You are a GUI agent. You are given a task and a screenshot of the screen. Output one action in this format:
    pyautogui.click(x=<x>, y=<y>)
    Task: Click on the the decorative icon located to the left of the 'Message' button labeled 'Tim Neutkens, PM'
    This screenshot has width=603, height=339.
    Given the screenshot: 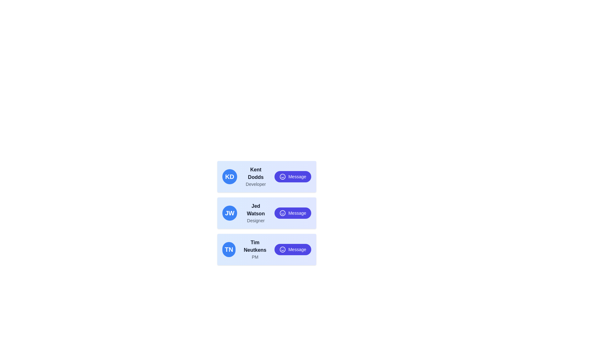 What is the action you would take?
    pyautogui.click(x=282, y=249)
    